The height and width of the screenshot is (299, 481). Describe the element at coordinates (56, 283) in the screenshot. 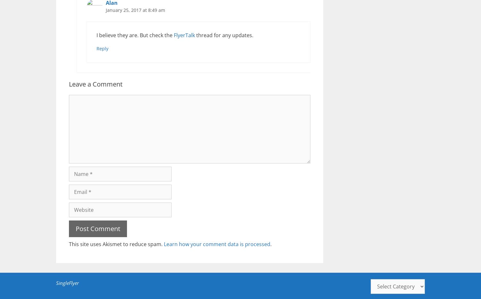

I see `'SingleFlyer'` at that location.